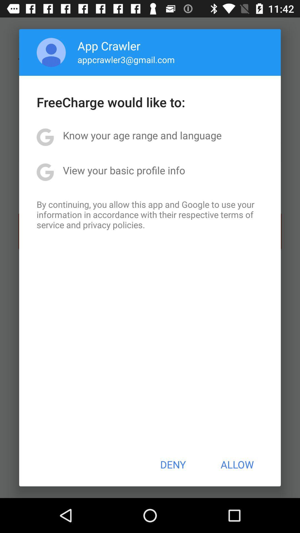 Image resolution: width=300 pixels, height=533 pixels. Describe the element at coordinates (124, 170) in the screenshot. I see `icon above by continuing you app` at that location.